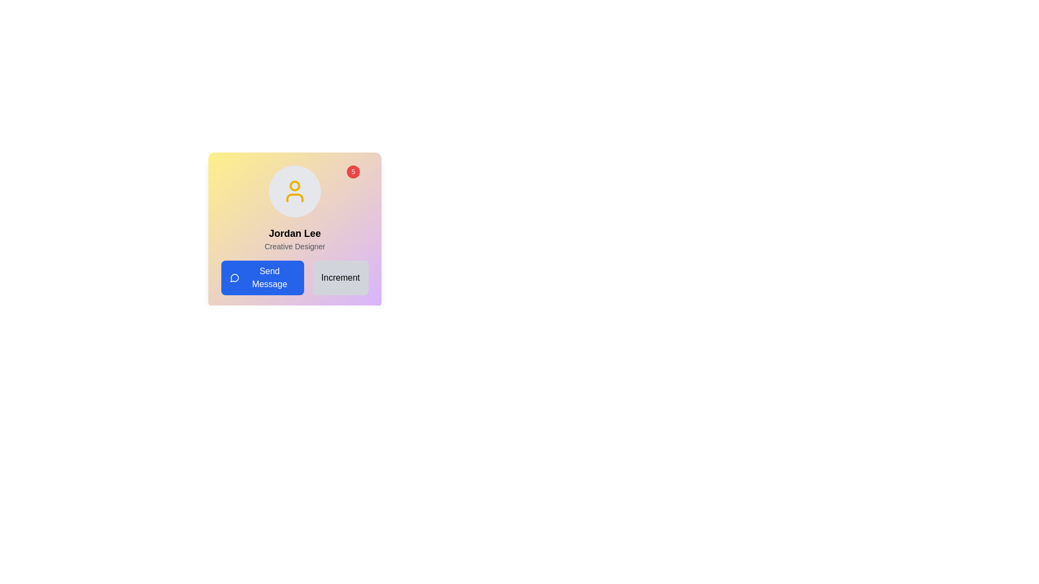 The width and height of the screenshot is (1039, 584). What do you see at coordinates (295, 233) in the screenshot?
I see `the user` at bounding box center [295, 233].